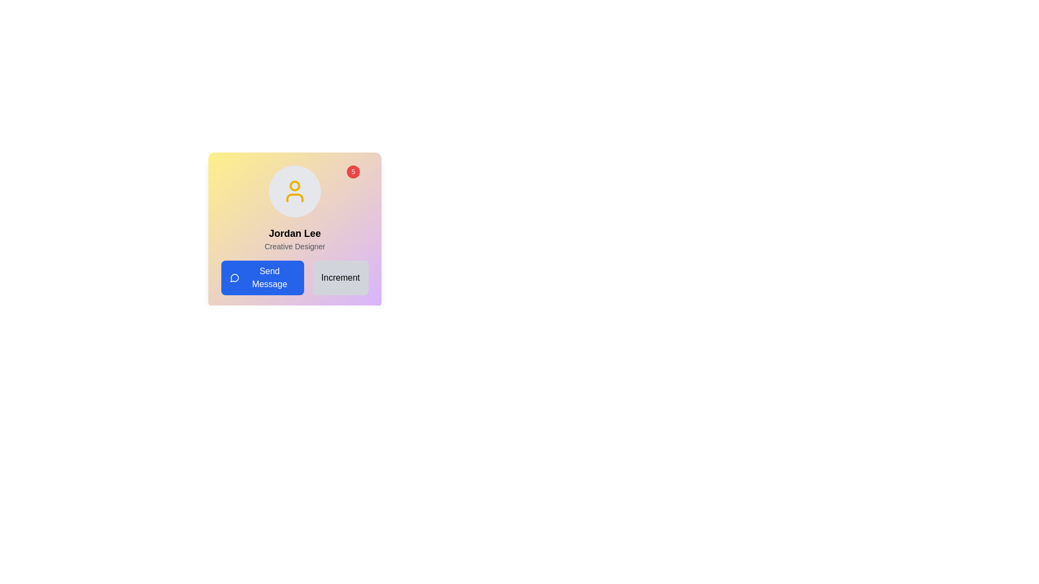 The width and height of the screenshot is (1039, 584). What do you see at coordinates (295, 233) in the screenshot?
I see `the user` at bounding box center [295, 233].